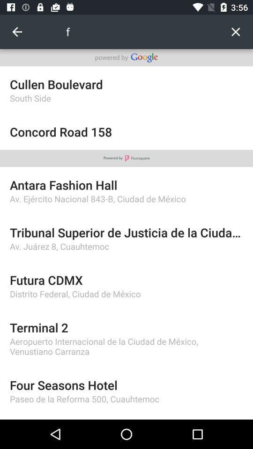 The height and width of the screenshot is (449, 253). What do you see at coordinates (126, 280) in the screenshot?
I see `the futura cdmx` at bounding box center [126, 280].